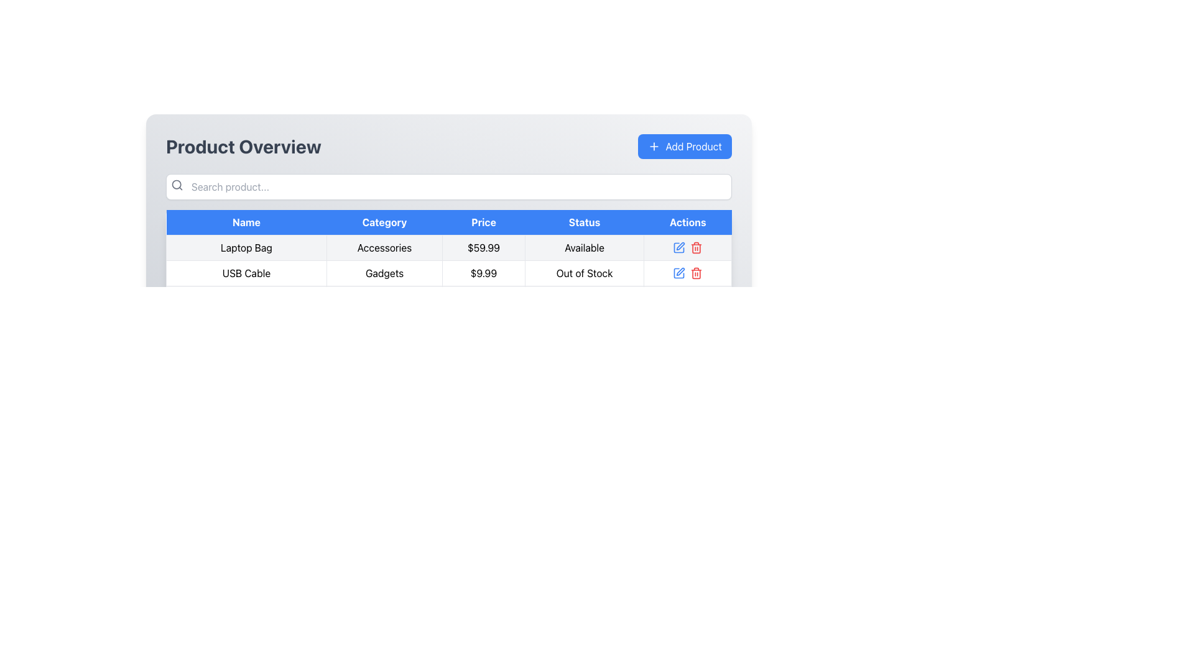 This screenshot has width=1194, height=671. Describe the element at coordinates (483, 247) in the screenshot. I see `the price text label for the 'Laptop Bag' located in the third column of the first data row under the 'Price' header` at that location.